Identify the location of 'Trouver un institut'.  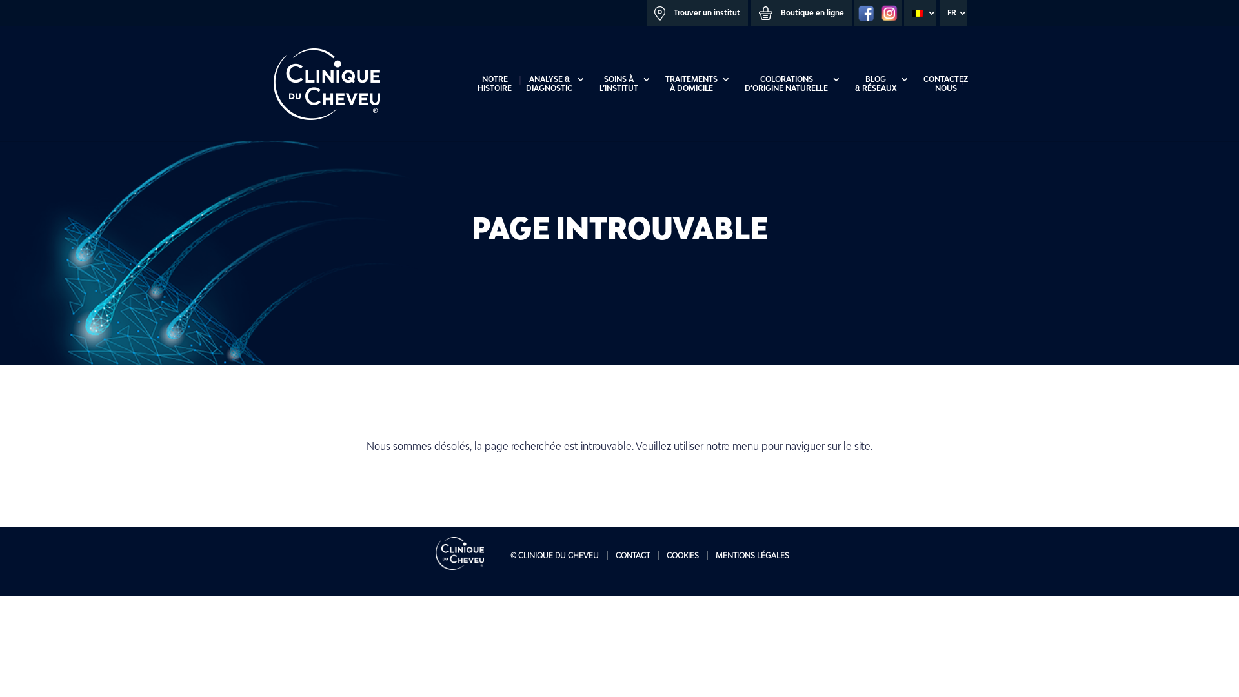
(696, 13).